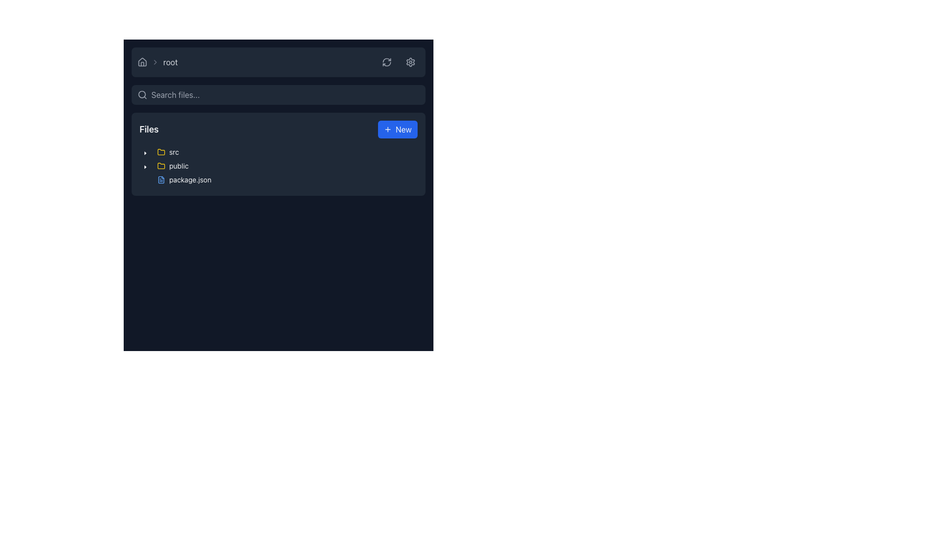  What do you see at coordinates (161, 179) in the screenshot?
I see `the icon representing the 'package.json' file in the 'Files' section, located to the left of the text label 'package.json'` at bounding box center [161, 179].